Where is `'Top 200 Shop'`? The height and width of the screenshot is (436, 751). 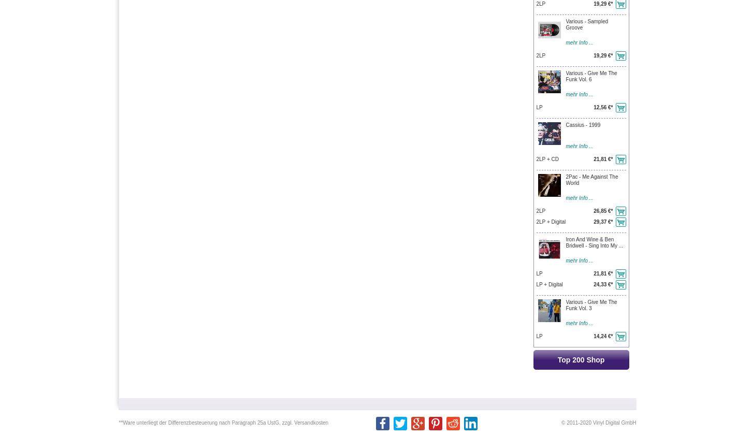 'Top 200 Shop' is located at coordinates (557, 359).